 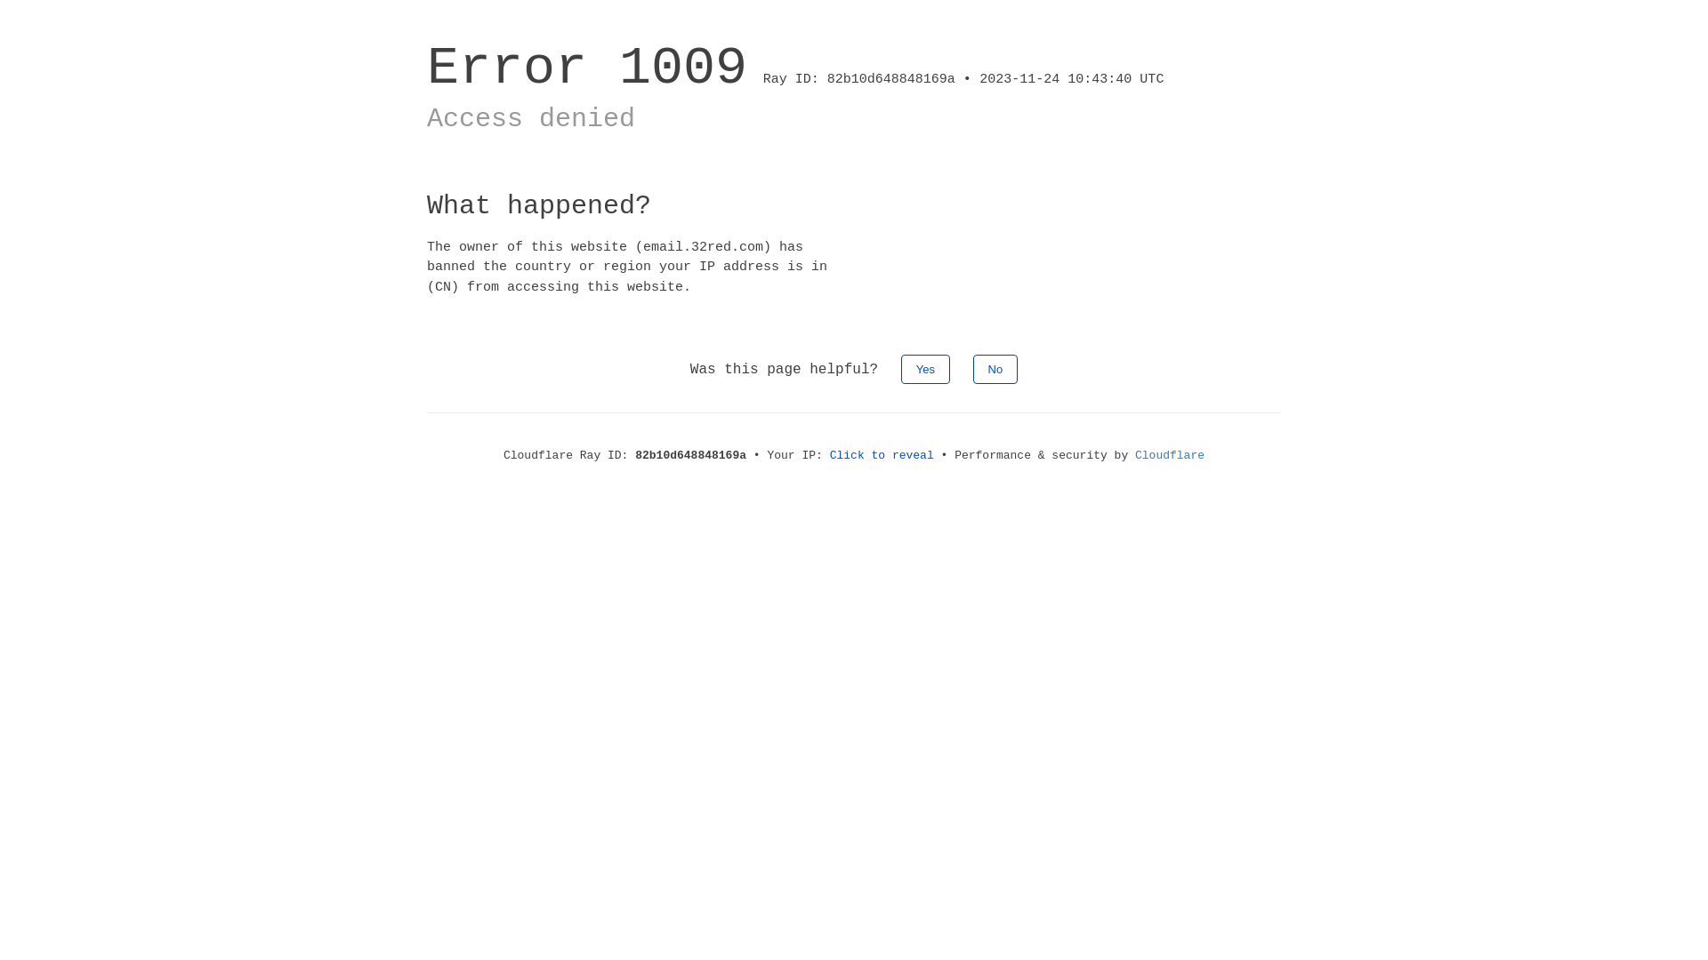 What do you see at coordinates (995, 368) in the screenshot?
I see `'No'` at bounding box center [995, 368].